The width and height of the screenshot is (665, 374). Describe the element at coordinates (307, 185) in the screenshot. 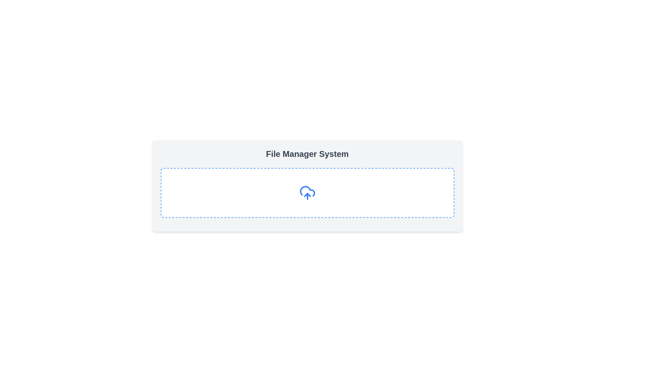

I see `the centered section containing the text 'File Manager System' in bold, gray font, which includes a large dashed box with a cloud-upload icon in blue at the center` at that location.